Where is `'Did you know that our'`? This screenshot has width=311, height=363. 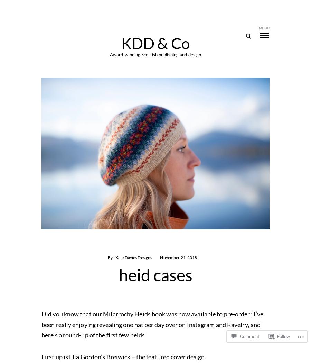
'Did you know that our' is located at coordinates (72, 313).